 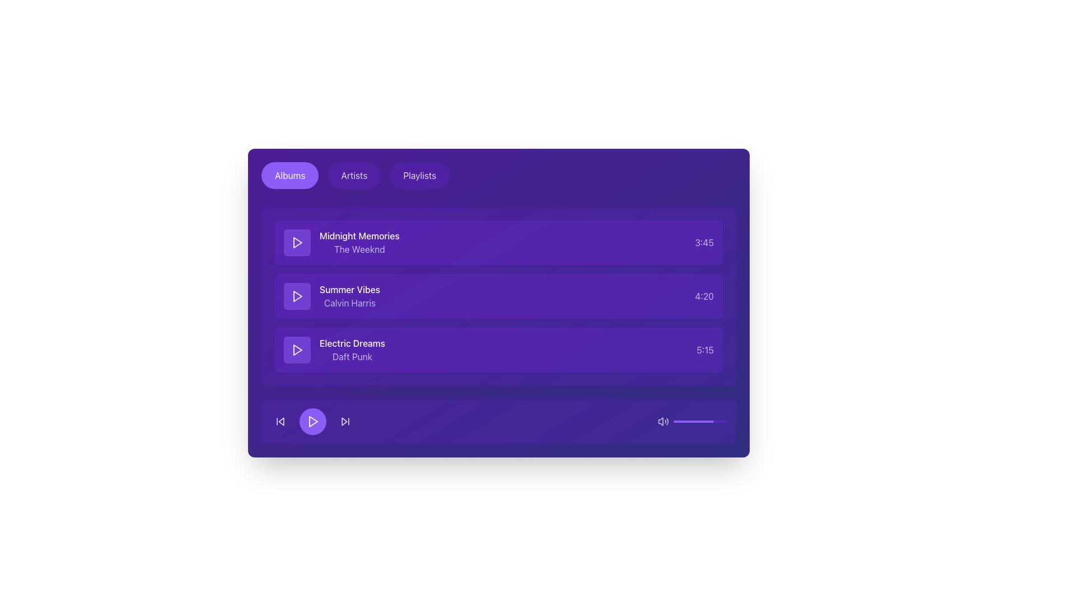 What do you see at coordinates (297, 242) in the screenshot?
I see `the play button located at the top of the vertical list, preceding the text 'Midnight Memories' and 'The Weeknd'` at bounding box center [297, 242].